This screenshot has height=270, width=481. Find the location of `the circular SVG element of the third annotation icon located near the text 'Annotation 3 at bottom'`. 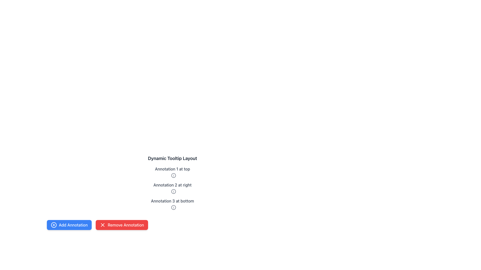

the circular SVG element of the third annotation icon located near the text 'Annotation 3 at bottom' is located at coordinates (173, 207).